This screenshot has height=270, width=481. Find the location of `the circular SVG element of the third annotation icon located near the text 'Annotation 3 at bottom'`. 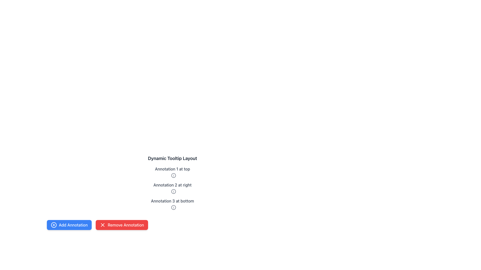

the circular SVG element of the third annotation icon located near the text 'Annotation 3 at bottom' is located at coordinates (173, 207).